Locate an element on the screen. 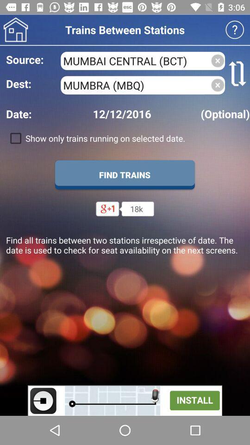 This screenshot has width=250, height=445. the home icon is located at coordinates (15, 30).